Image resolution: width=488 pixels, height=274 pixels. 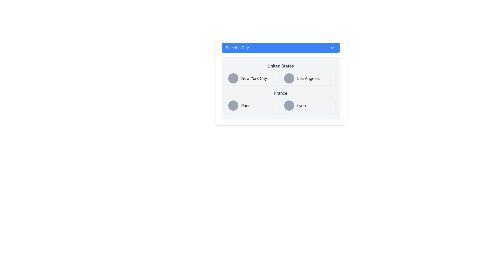 What do you see at coordinates (280, 105) in the screenshot?
I see `the 'Lyon' option in the interactive two-column grid under the 'France' section` at bounding box center [280, 105].